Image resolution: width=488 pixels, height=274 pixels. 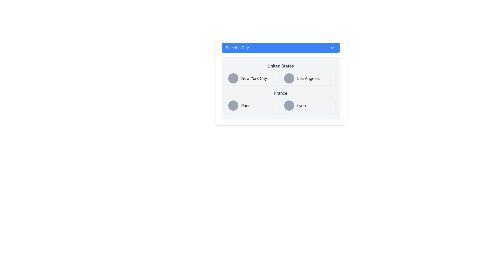 What do you see at coordinates (280, 105) in the screenshot?
I see `the 'Lyon' option in the interactive two-column grid under the 'France' section` at bounding box center [280, 105].